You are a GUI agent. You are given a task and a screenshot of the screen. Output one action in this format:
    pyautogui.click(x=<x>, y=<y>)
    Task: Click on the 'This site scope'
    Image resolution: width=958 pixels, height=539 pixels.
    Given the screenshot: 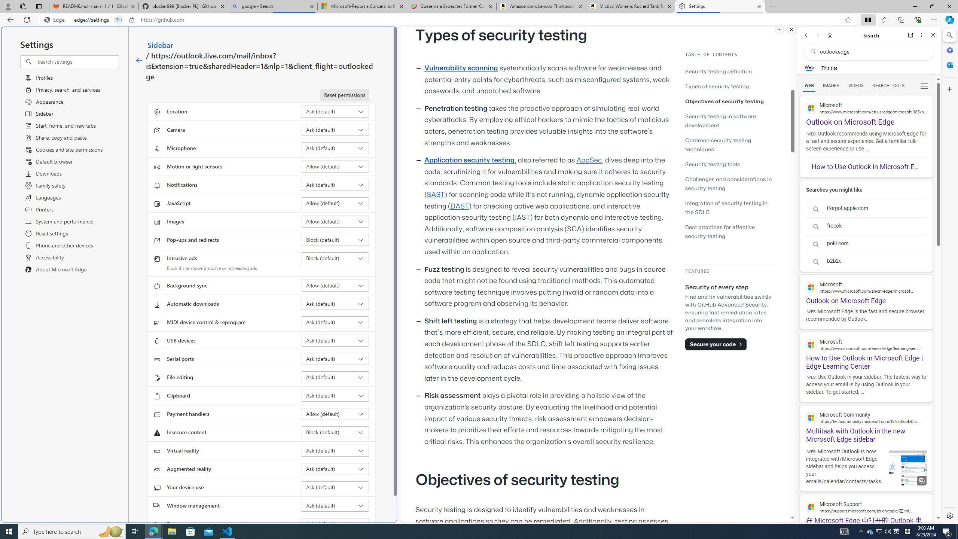 What is the action you would take?
    pyautogui.click(x=829, y=67)
    